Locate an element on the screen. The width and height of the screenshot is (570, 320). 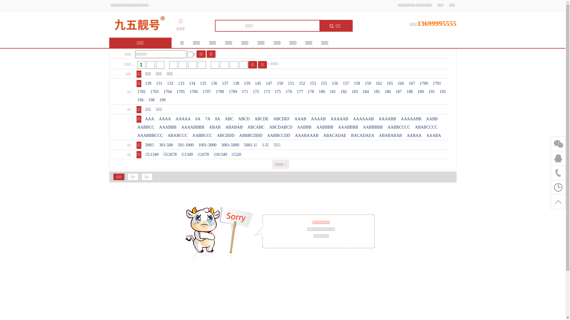
'166' is located at coordinates (397, 83).